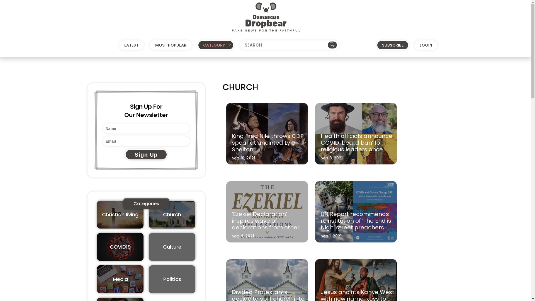 This screenshot has width=535, height=301. I want to click on 'CATEGORY', so click(215, 45).